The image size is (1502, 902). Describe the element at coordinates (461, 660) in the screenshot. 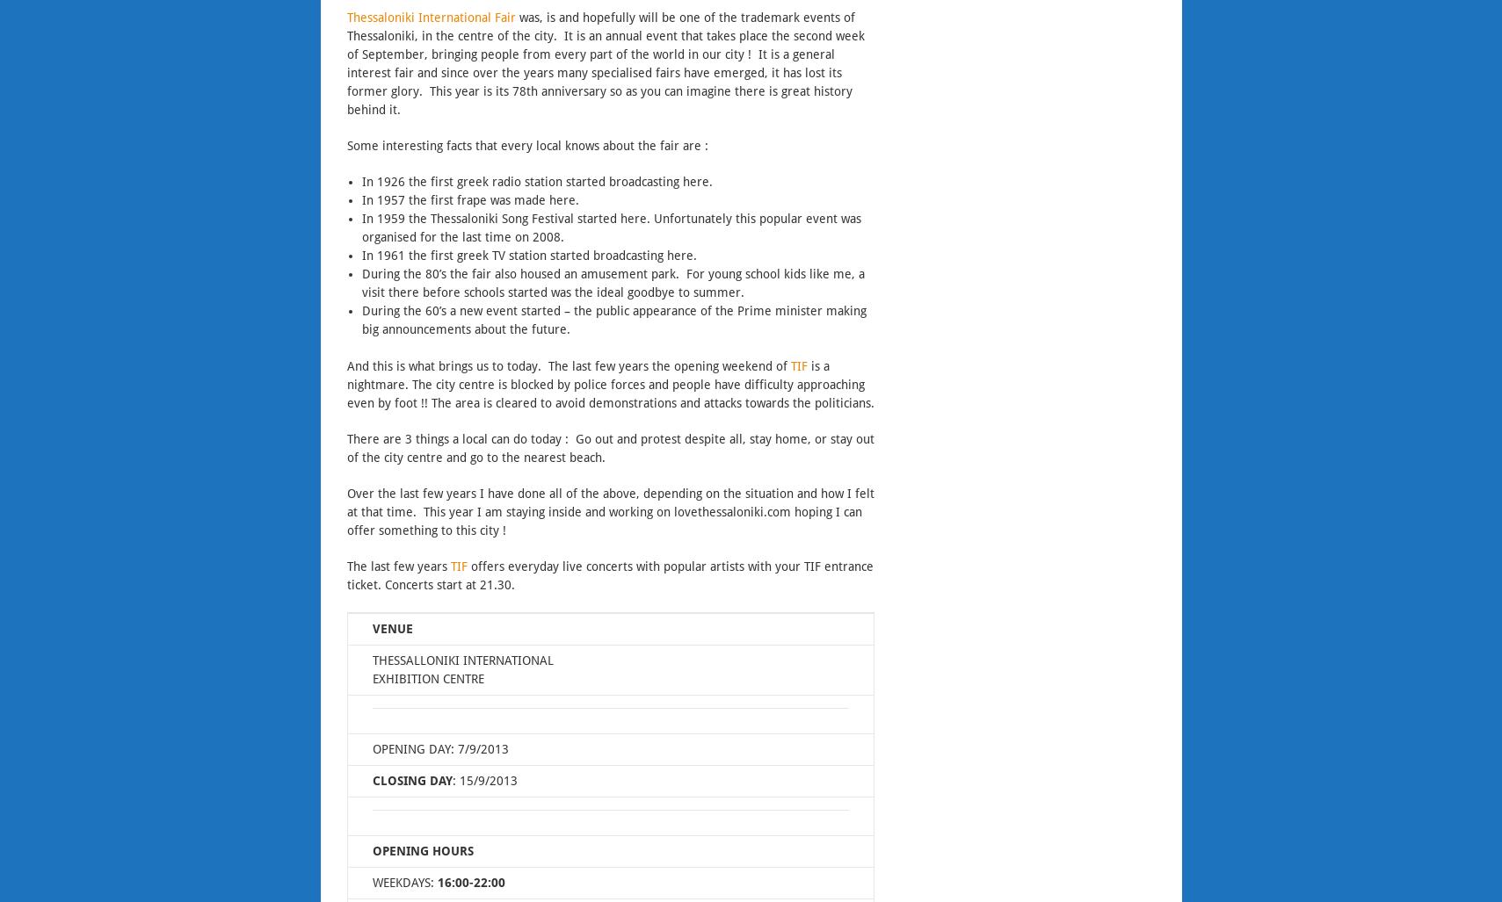

I see `'THESSALLONIKI INTERNATIONAL'` at that location.